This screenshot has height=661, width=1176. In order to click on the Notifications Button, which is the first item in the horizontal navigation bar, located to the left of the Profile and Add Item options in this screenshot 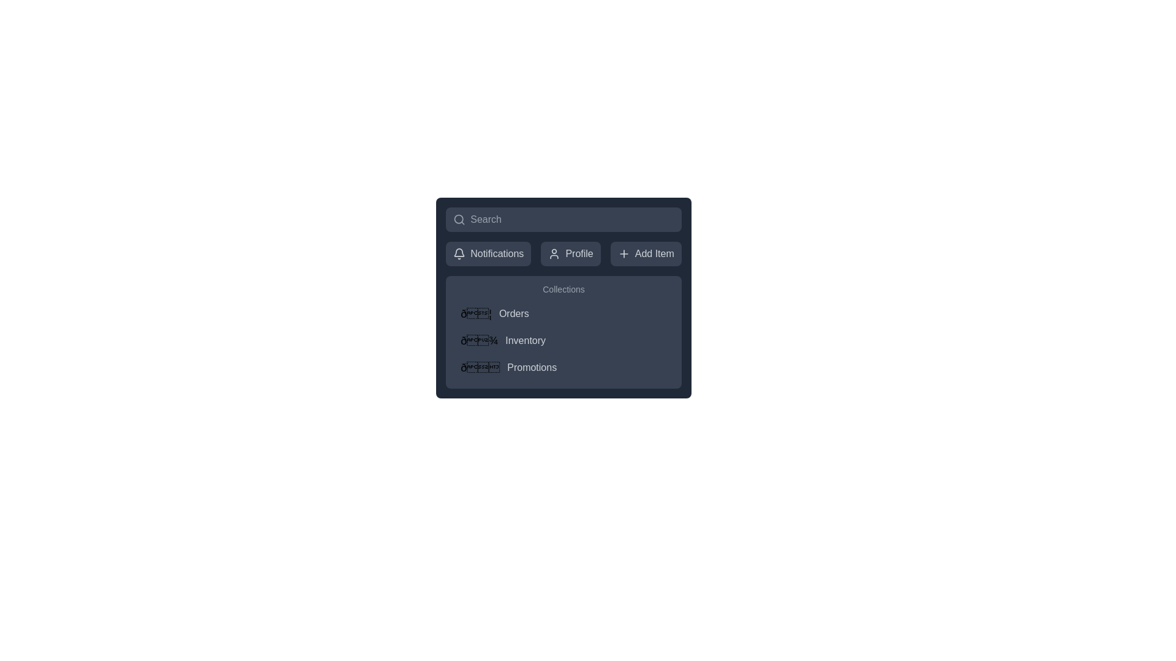, I will do `click(488, 253)`.